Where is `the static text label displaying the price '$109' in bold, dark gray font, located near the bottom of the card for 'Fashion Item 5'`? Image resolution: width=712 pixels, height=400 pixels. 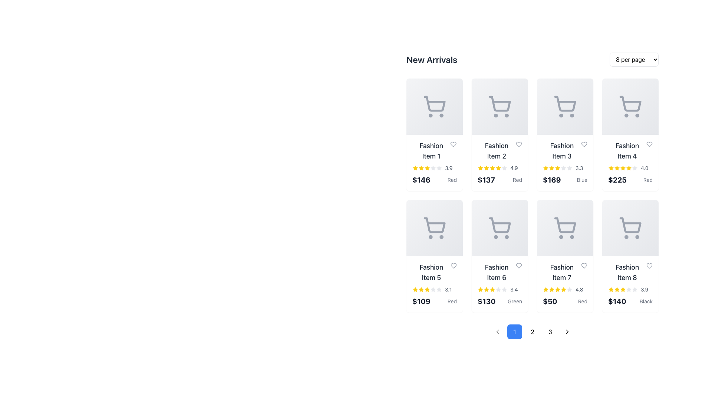 the static text label displaying the price '$109' in bold, dark gray font, located near the bottom of the card for 'Fashion Item 5' is located at coordinates (421, 301).